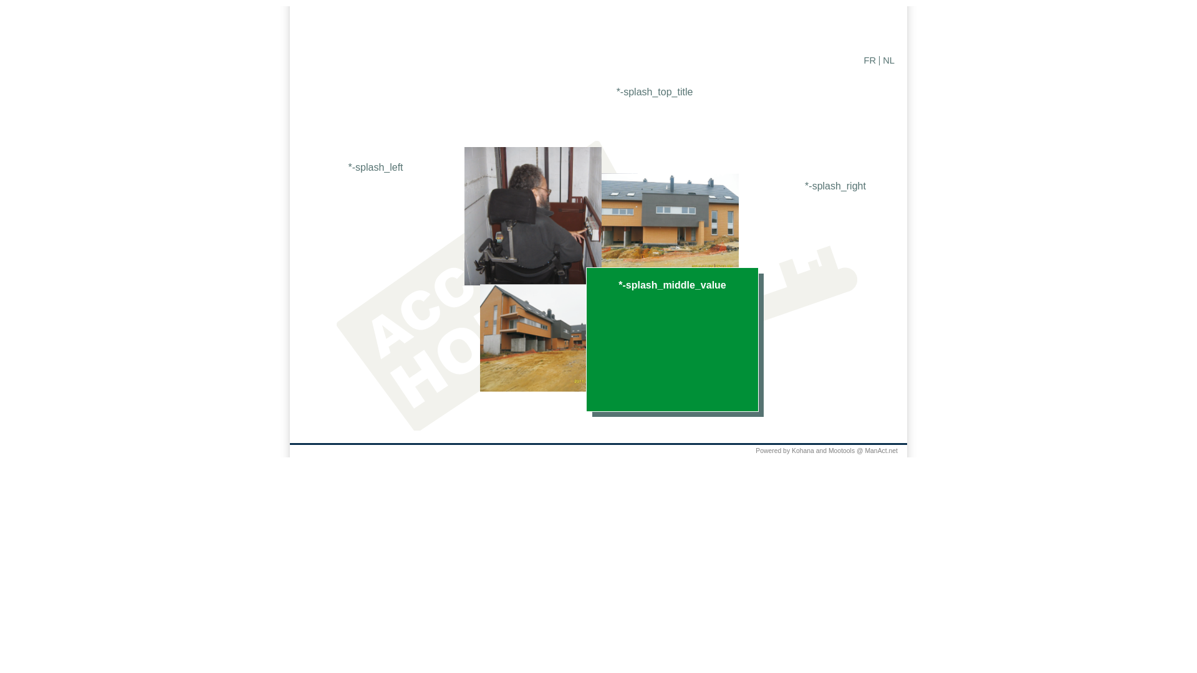 Image resolution: width=1197 pixels, height=673 pixels. I want to click on 'ManAct.net', so click(864, 451).